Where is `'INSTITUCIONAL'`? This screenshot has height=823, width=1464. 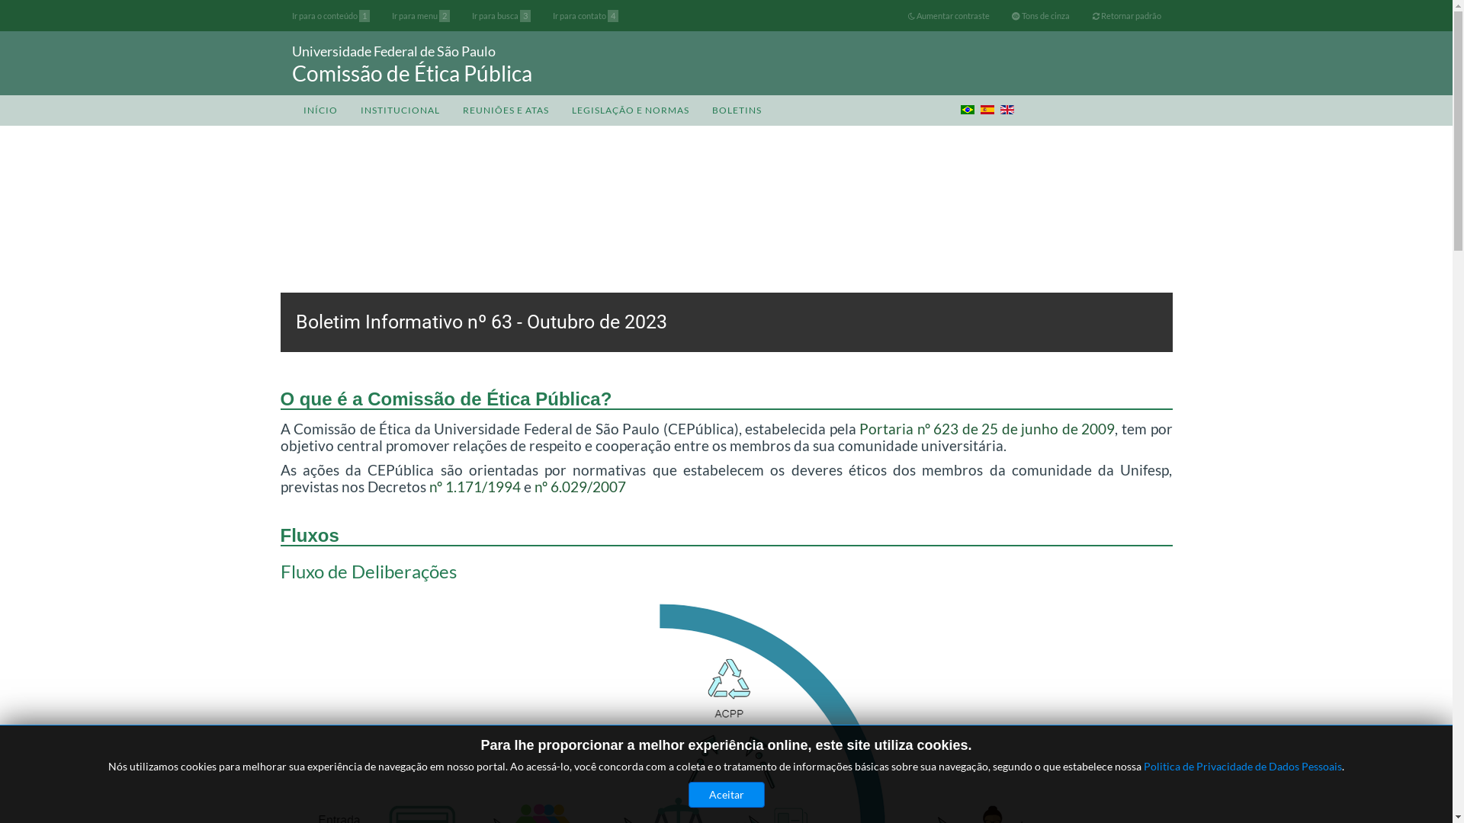 'INSTITUCIONAL' is located at coordinates (400, 110).